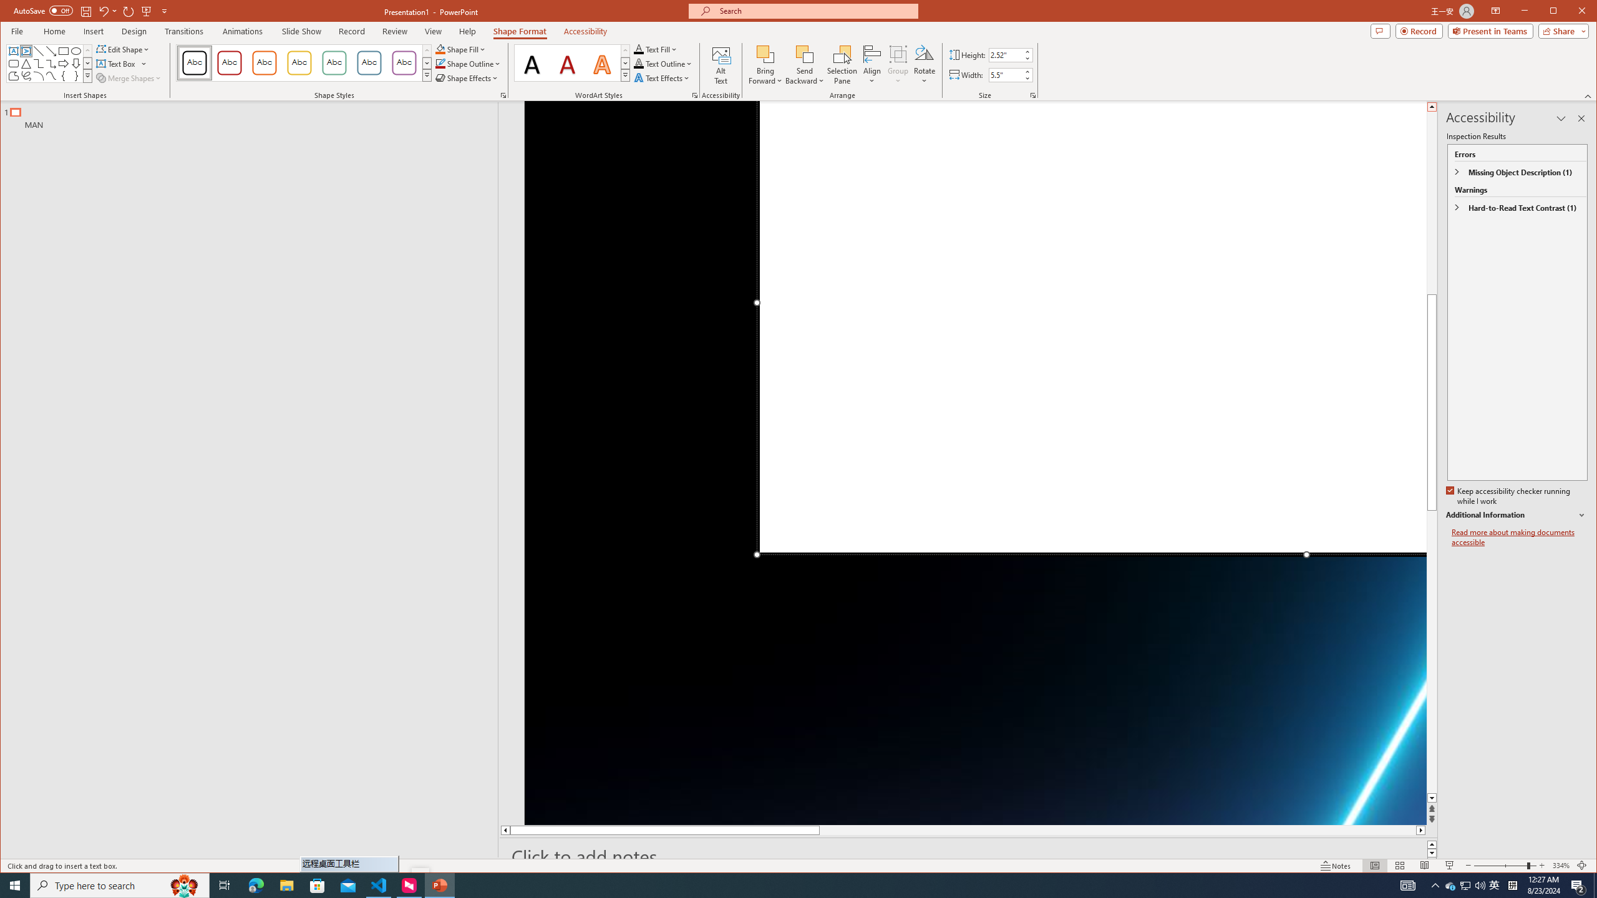 The height and width of the screenshot is (898, 1597). Describe the element at coordinates (404, 62) in the screenshot. I see `'Colored Outline - Purple, Accent 6'` at that location.